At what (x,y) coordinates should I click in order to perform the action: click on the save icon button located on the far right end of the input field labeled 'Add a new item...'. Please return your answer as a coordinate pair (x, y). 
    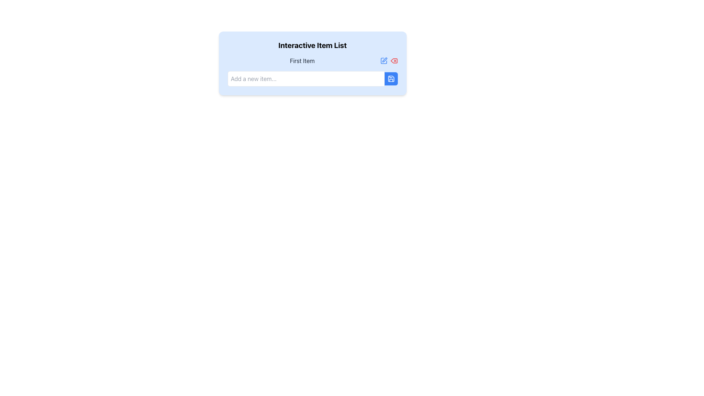
    Looking at the image, I should click on (390, 79).